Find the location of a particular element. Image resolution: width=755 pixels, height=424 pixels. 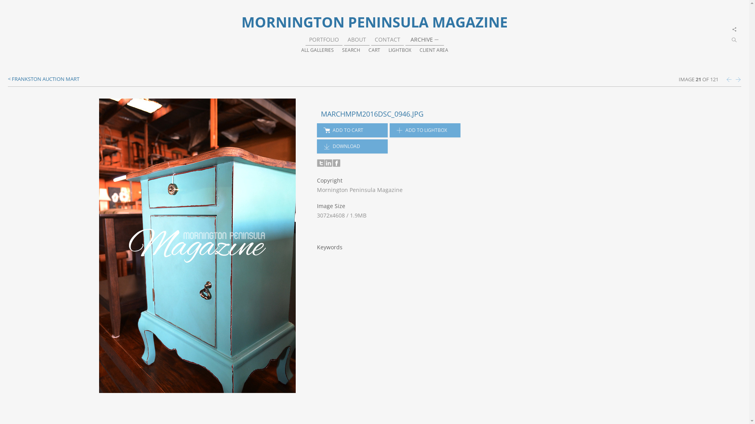

'SEARCH' is located at coordinates (342, 50).